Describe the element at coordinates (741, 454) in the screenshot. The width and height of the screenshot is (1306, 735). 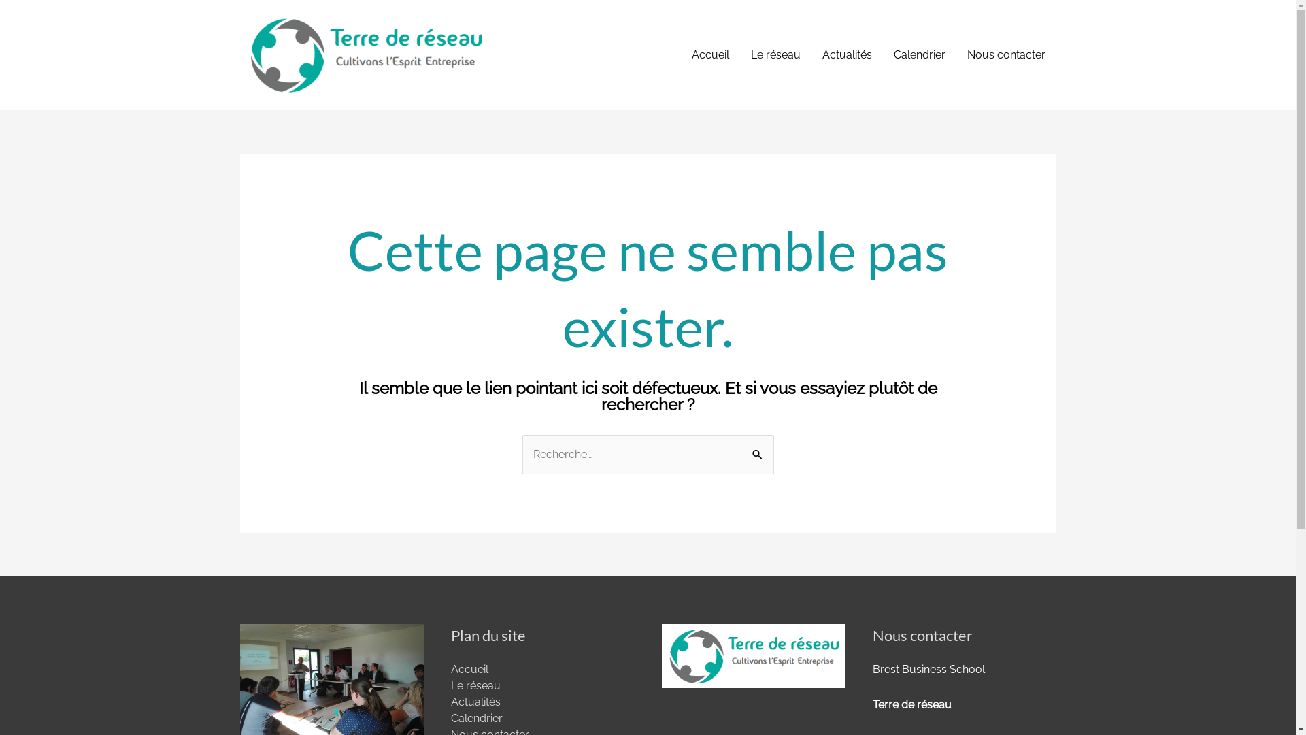
I see `'Rechercher'` at that location.